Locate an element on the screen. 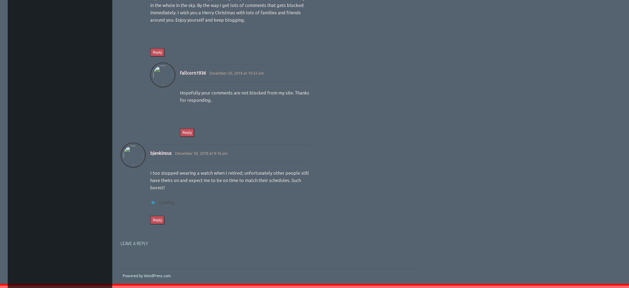 This screenshot has width=629, height=288. 'December 30, 2018 at 8:16 pm' is located at coordinates (201, 153).